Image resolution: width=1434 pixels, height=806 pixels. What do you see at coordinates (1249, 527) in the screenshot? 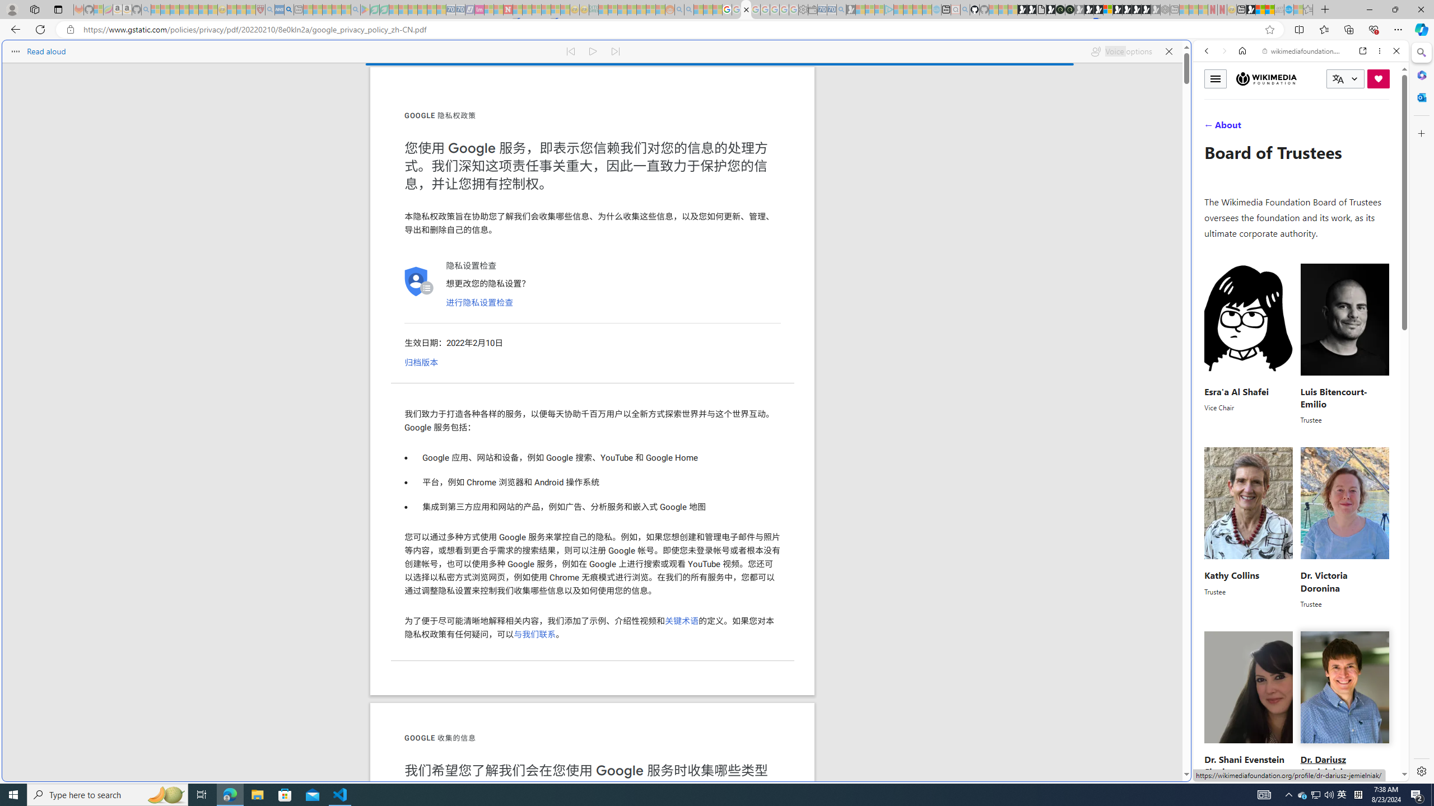
I see `'Kathy CollinsTrustee'` at bounding box center [1249, 527].